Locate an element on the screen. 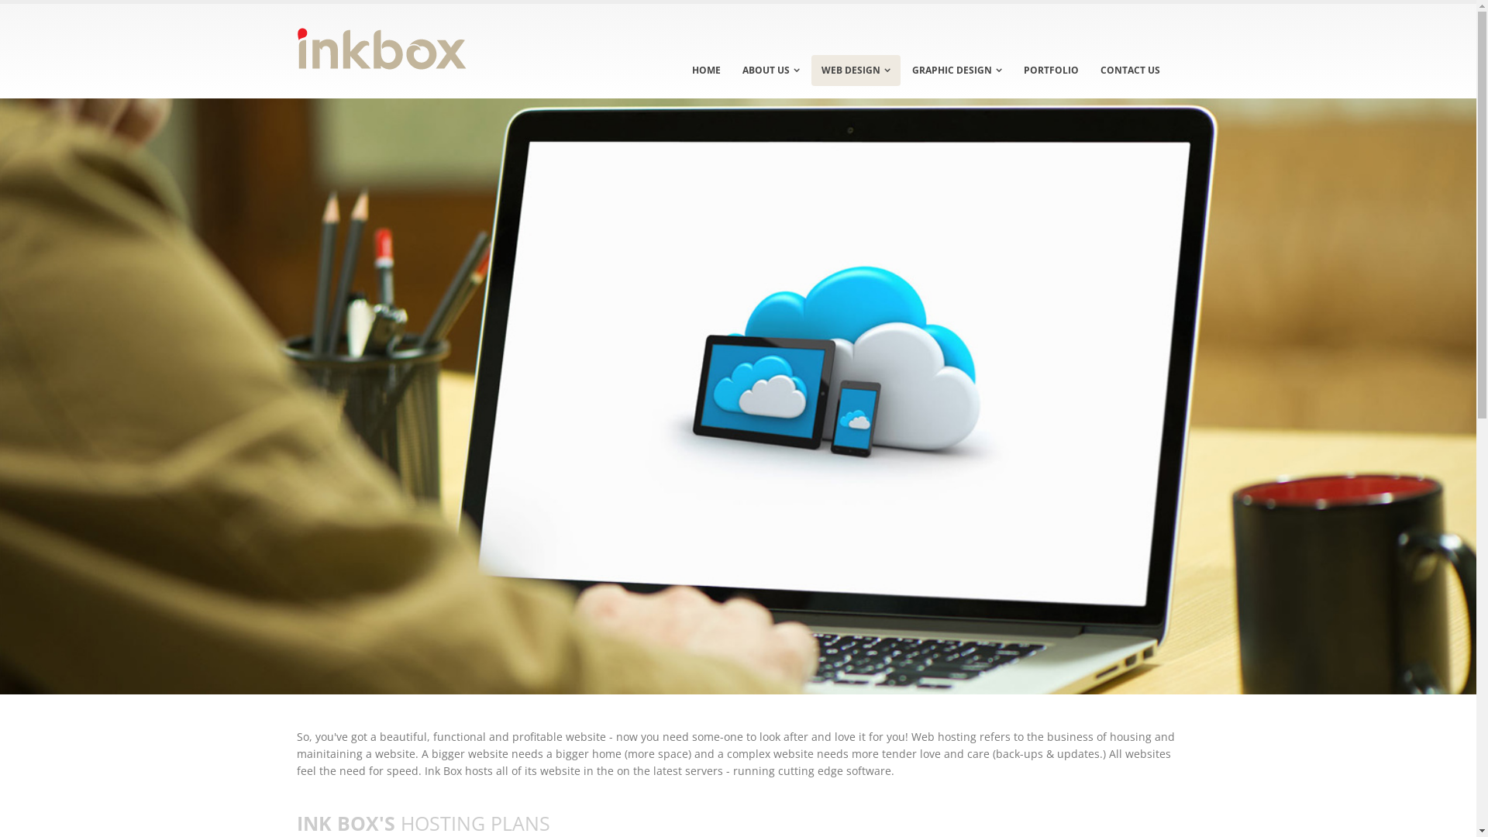  'CONTACT US' is located at coordinates (1129, 71).